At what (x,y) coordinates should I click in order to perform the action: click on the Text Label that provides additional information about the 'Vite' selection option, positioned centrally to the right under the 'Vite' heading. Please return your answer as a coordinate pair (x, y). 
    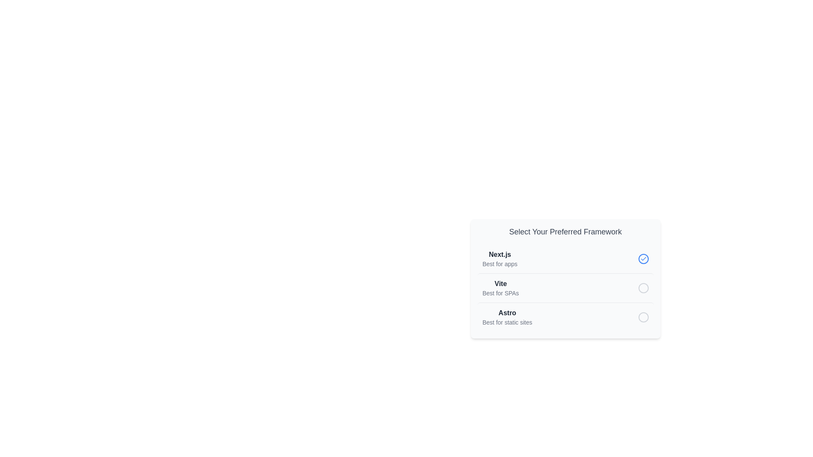
    Looking at the image, I should click on (501, 293).